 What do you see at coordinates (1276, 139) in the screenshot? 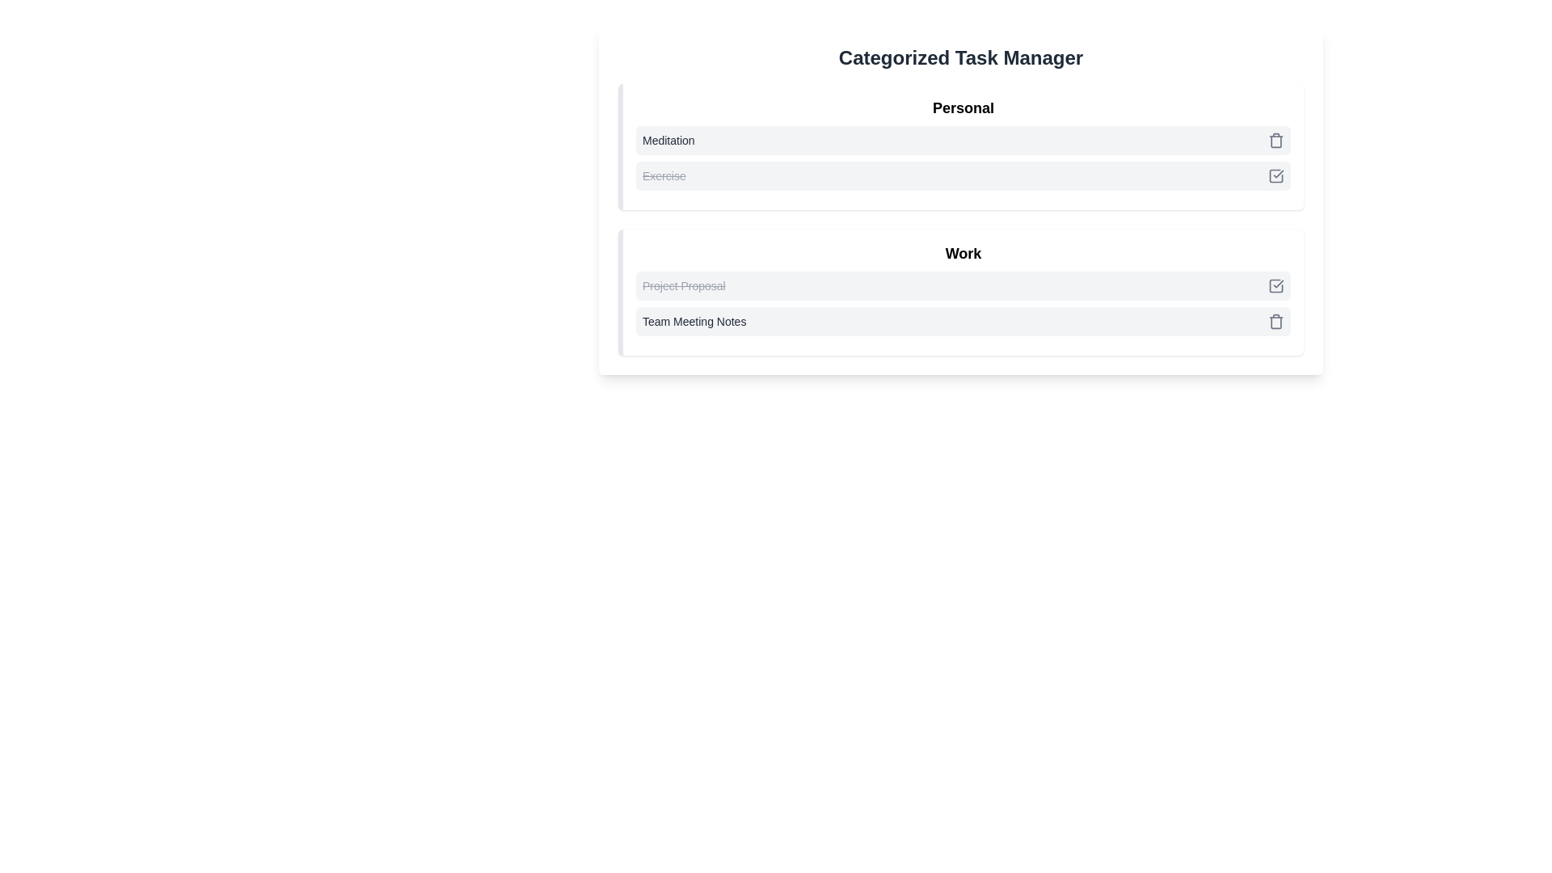
I see `the delete icon button located at the far right end of the 'Meditation' task row under the 'Personal' category` at bounding box center [1276, 139].